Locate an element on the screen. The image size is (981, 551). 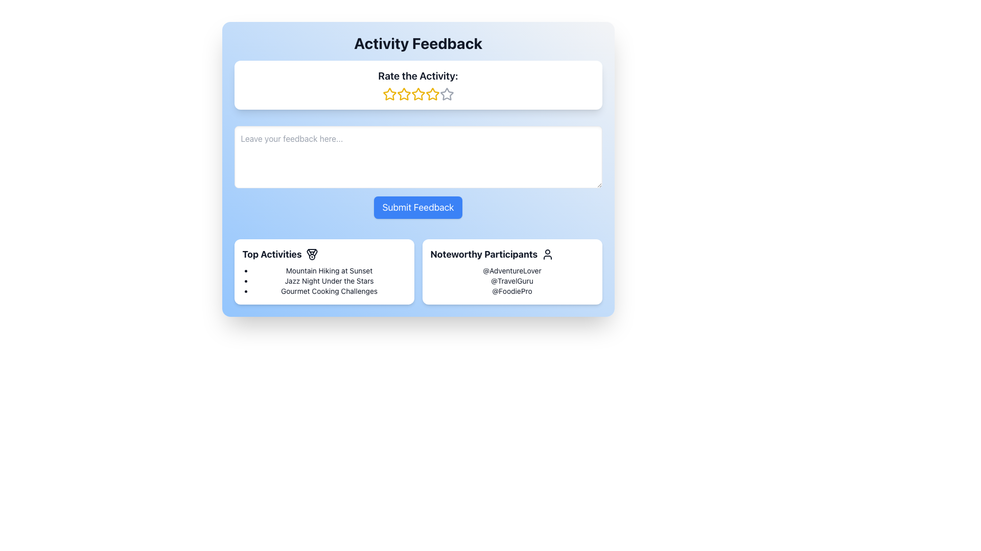
the third yellow star icon in the 'Rate the Activity' section to rate it is located at coordinates (403, 94).